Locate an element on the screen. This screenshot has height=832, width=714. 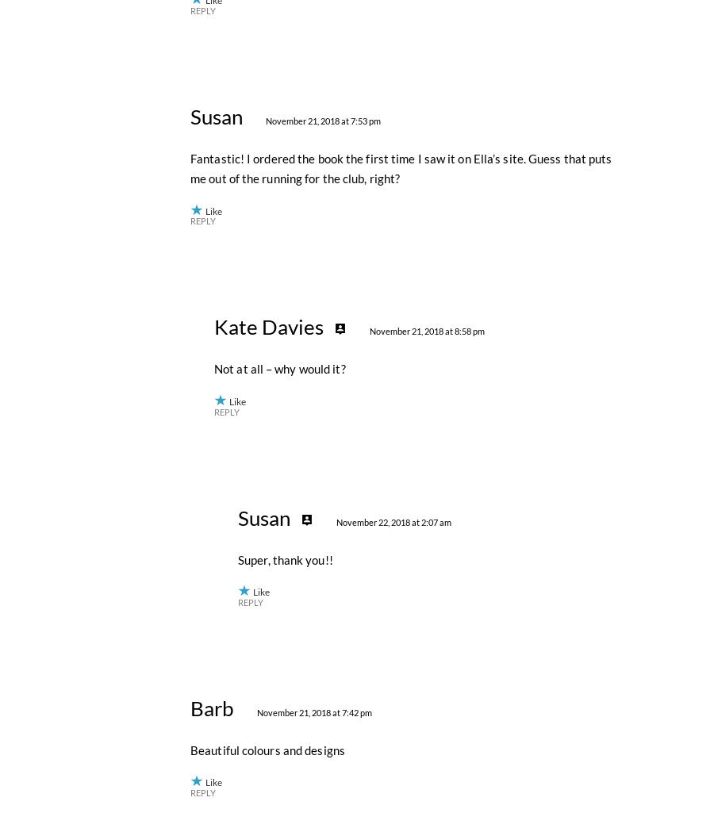
'Fantastic!  I ordered the book the first time I saw it on Ella’s site.  Guess that puts me out of the running for the club, right?' is located at coordinates (400, 516).